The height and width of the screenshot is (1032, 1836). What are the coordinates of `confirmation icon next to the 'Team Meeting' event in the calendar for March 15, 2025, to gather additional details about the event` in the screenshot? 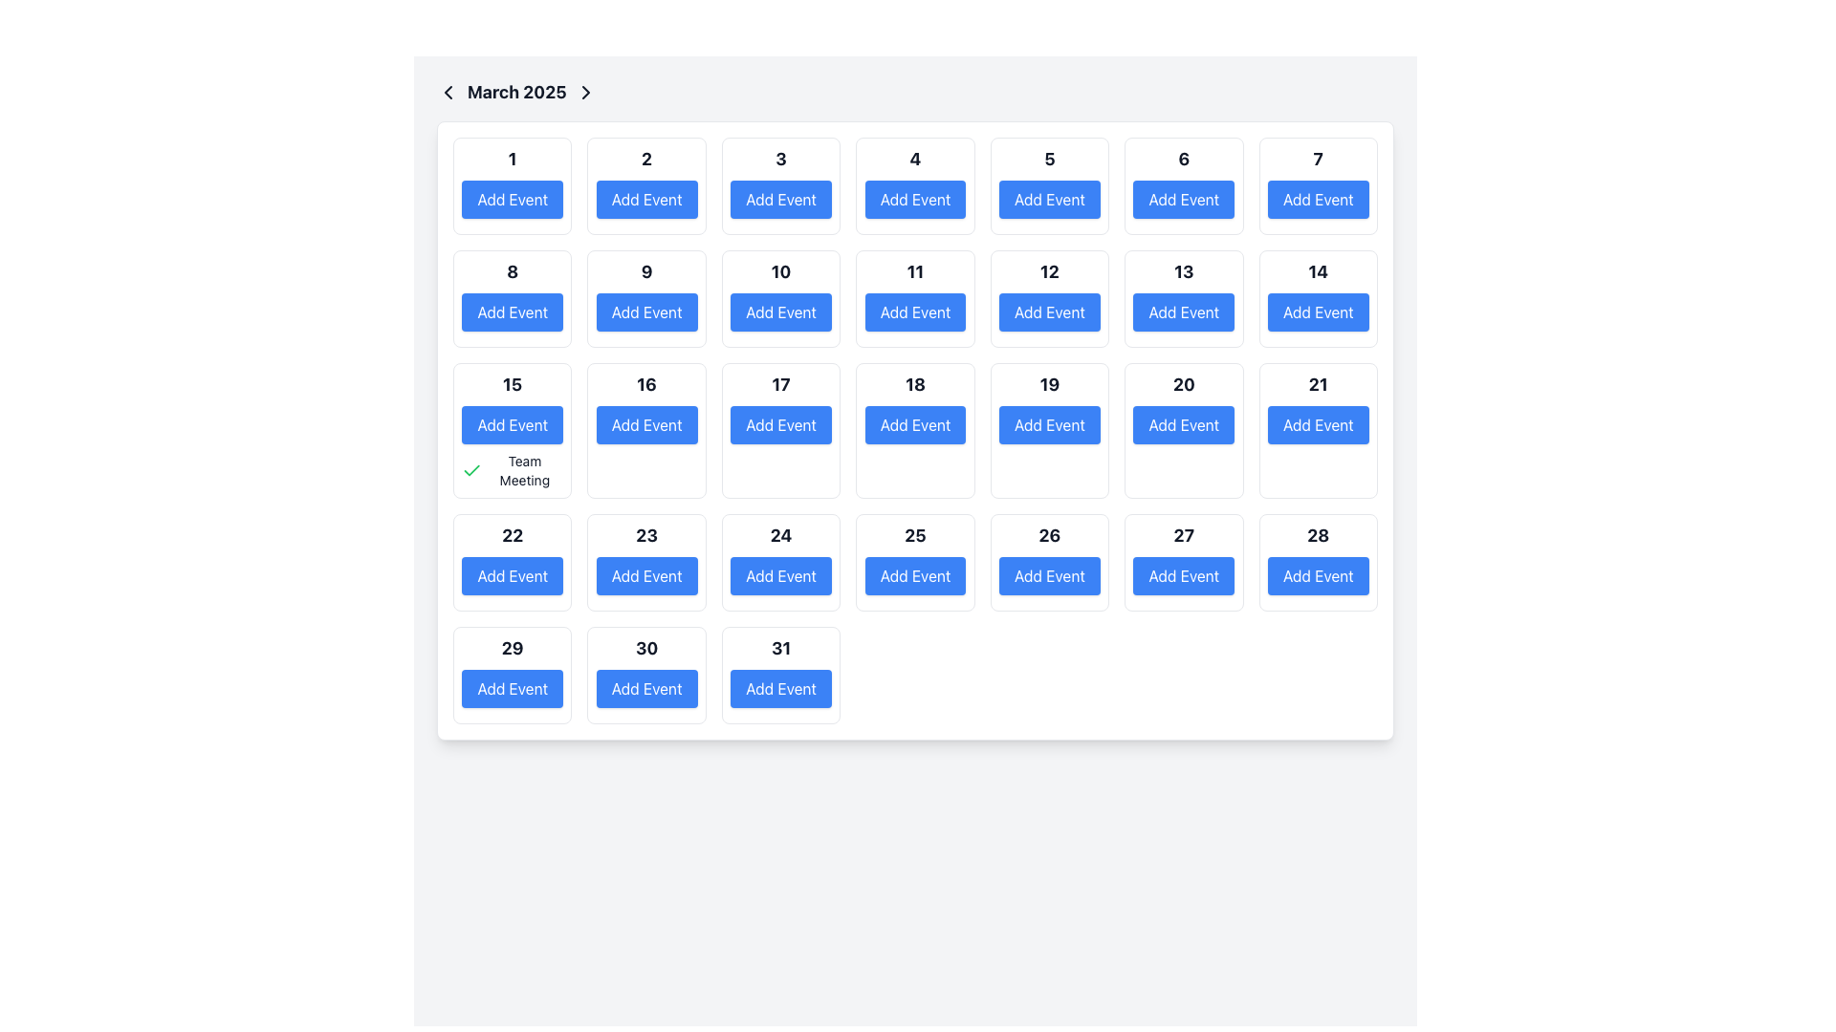 It's located at (471, 470).